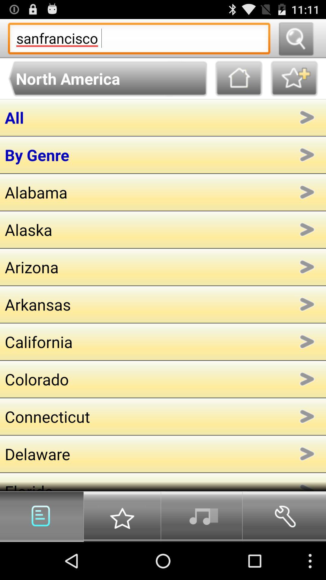 The height and width of the screenshot is (580, 326). Describe the element at coordinates (296, 38) in the screenshot. I see `search the option` at that location.